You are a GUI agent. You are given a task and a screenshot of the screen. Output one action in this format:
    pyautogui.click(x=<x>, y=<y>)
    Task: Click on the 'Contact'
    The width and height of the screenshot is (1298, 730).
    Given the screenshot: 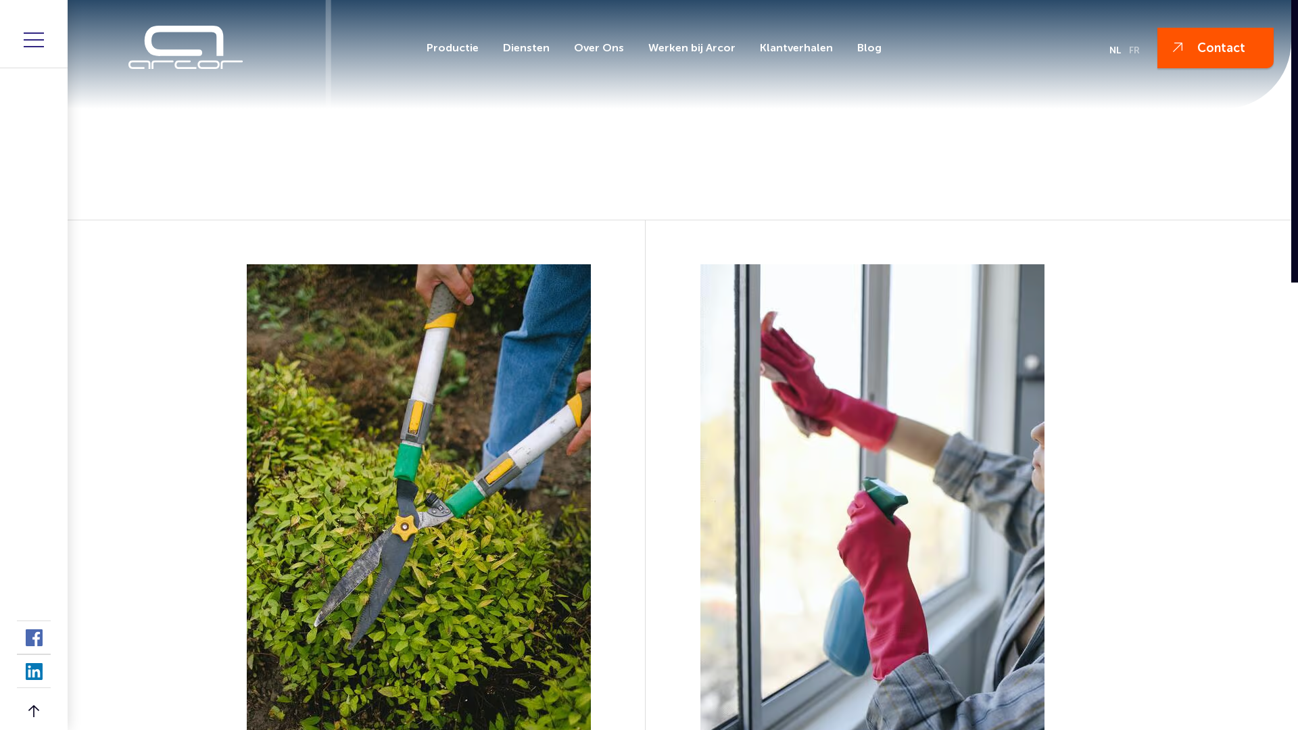 What is the action you would take?
    pyautogui.click(x=1216, y=47)
    